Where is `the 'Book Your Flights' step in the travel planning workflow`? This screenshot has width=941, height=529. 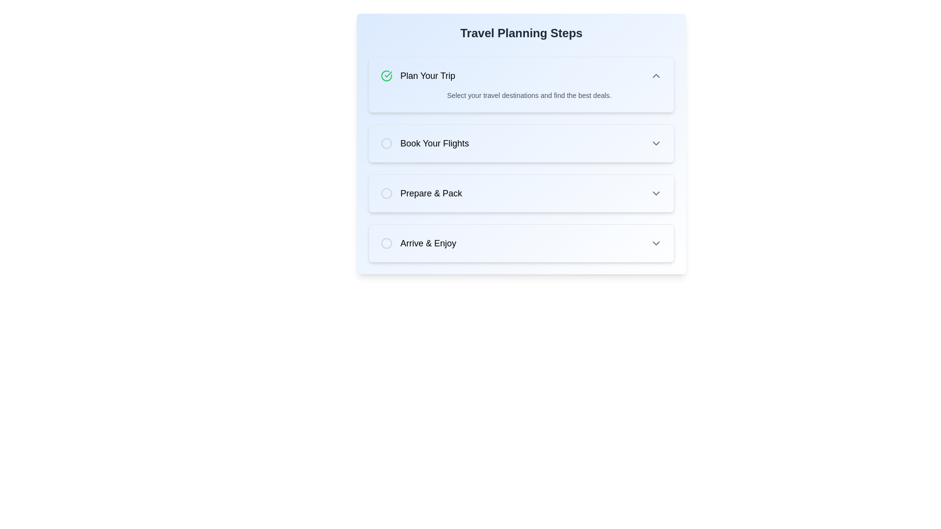
the 'Book Your Flights' step in the travel planning workflow is located at coordinates (521, 144).